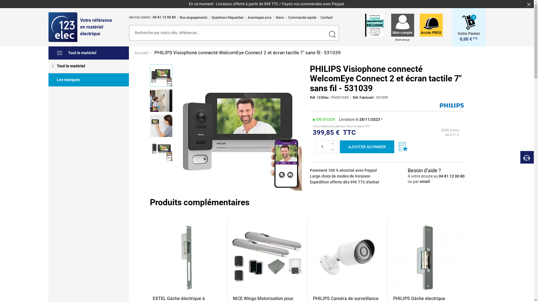 The width and height of the screenshot is (538, 302). I want to click on 'Valider', so click(332, 34).